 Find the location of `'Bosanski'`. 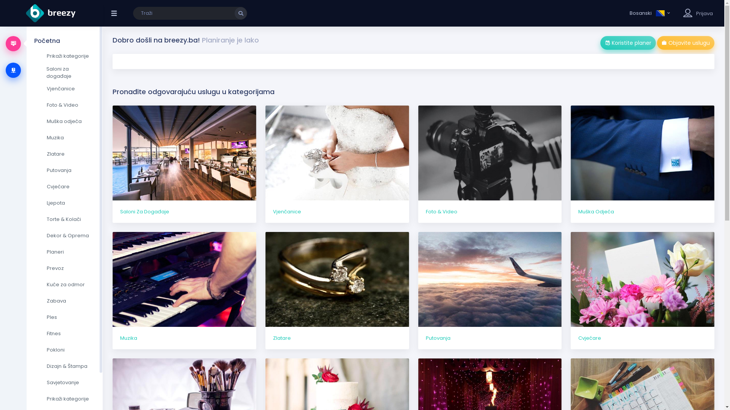

'Bosanski' is located at coordinates (650, 13).